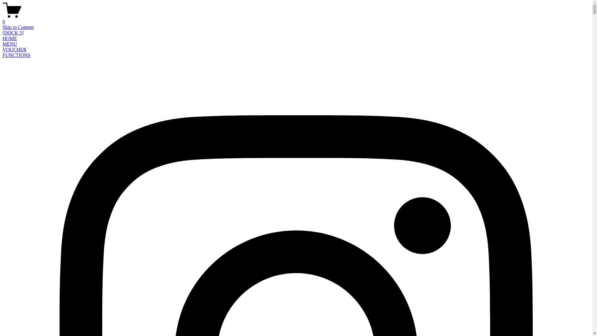 This screenshot has height=336, width=597. Describe the element at coordinates (10, 44) in the screenshot. I see `'MENU'` at that location.